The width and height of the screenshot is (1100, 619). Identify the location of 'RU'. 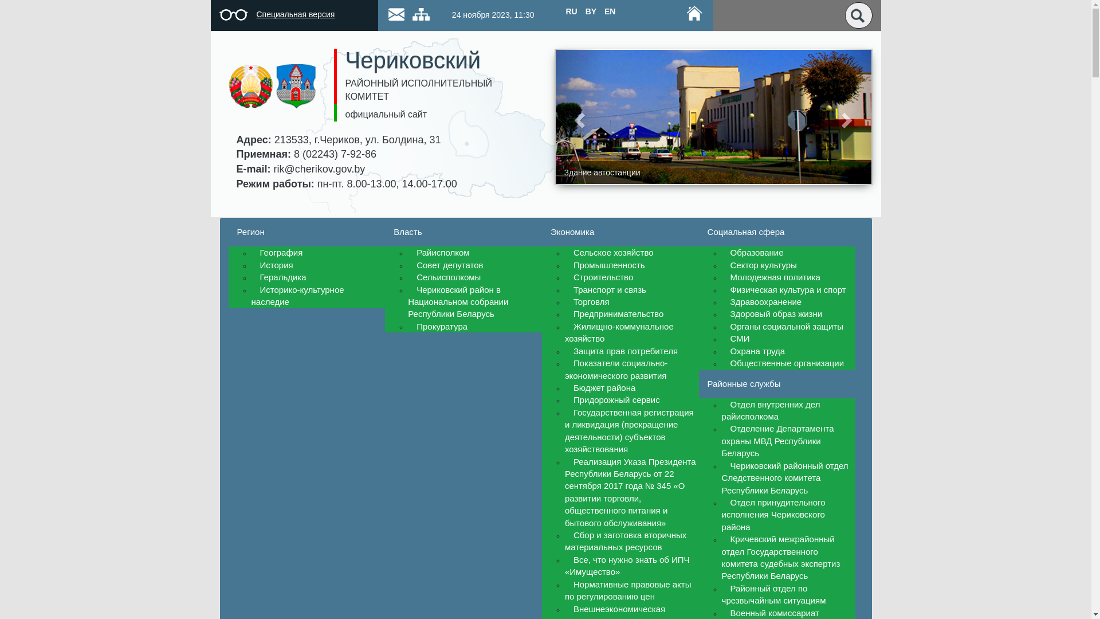
(571, 11).